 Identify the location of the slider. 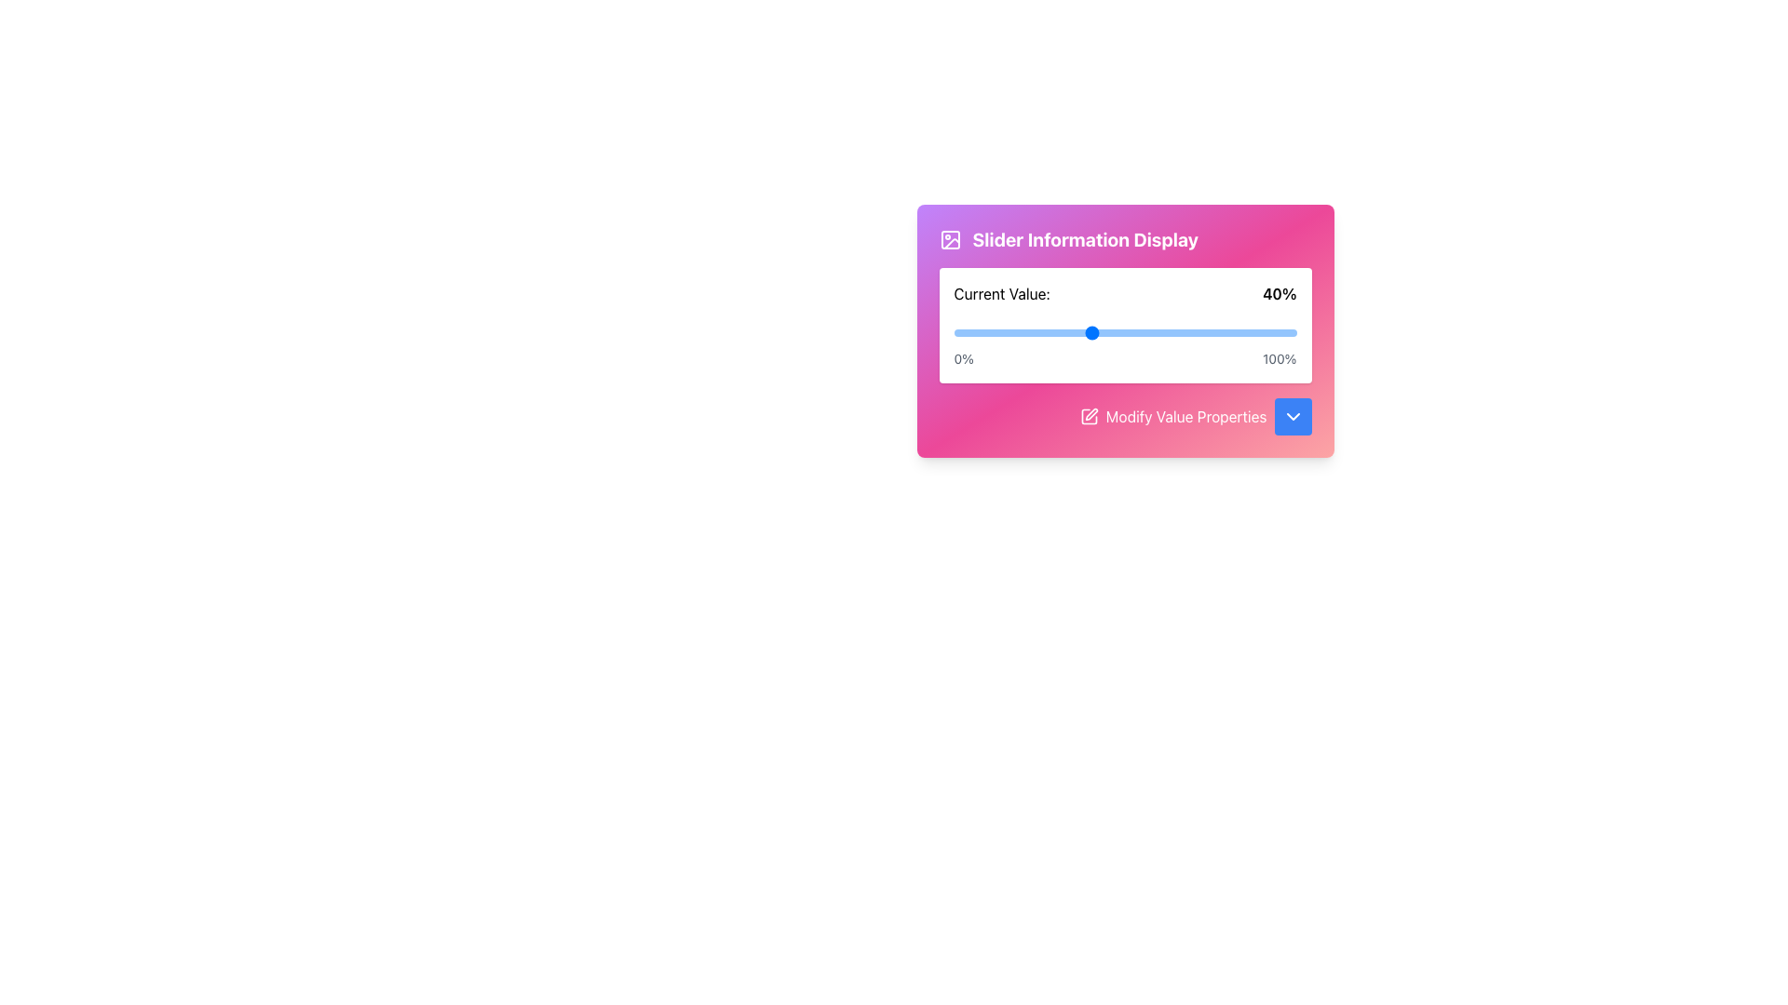
(1268, 332).